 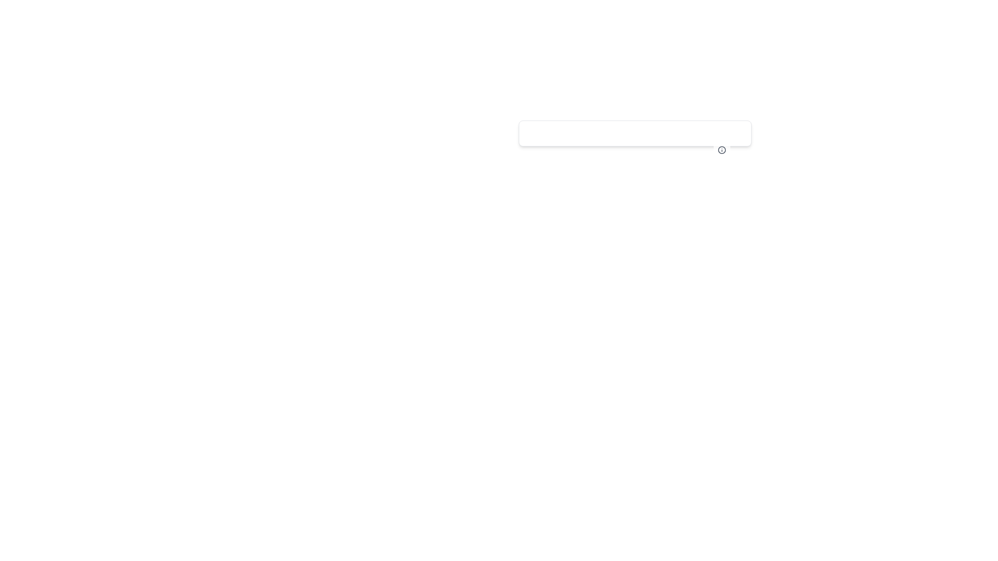 What do you see at coordinates (721, 150) in the screenshot?
I see `the outermost circular component of the information icon, which is positioned to the immediate right of a text input field` at bounding box center [721, 150].